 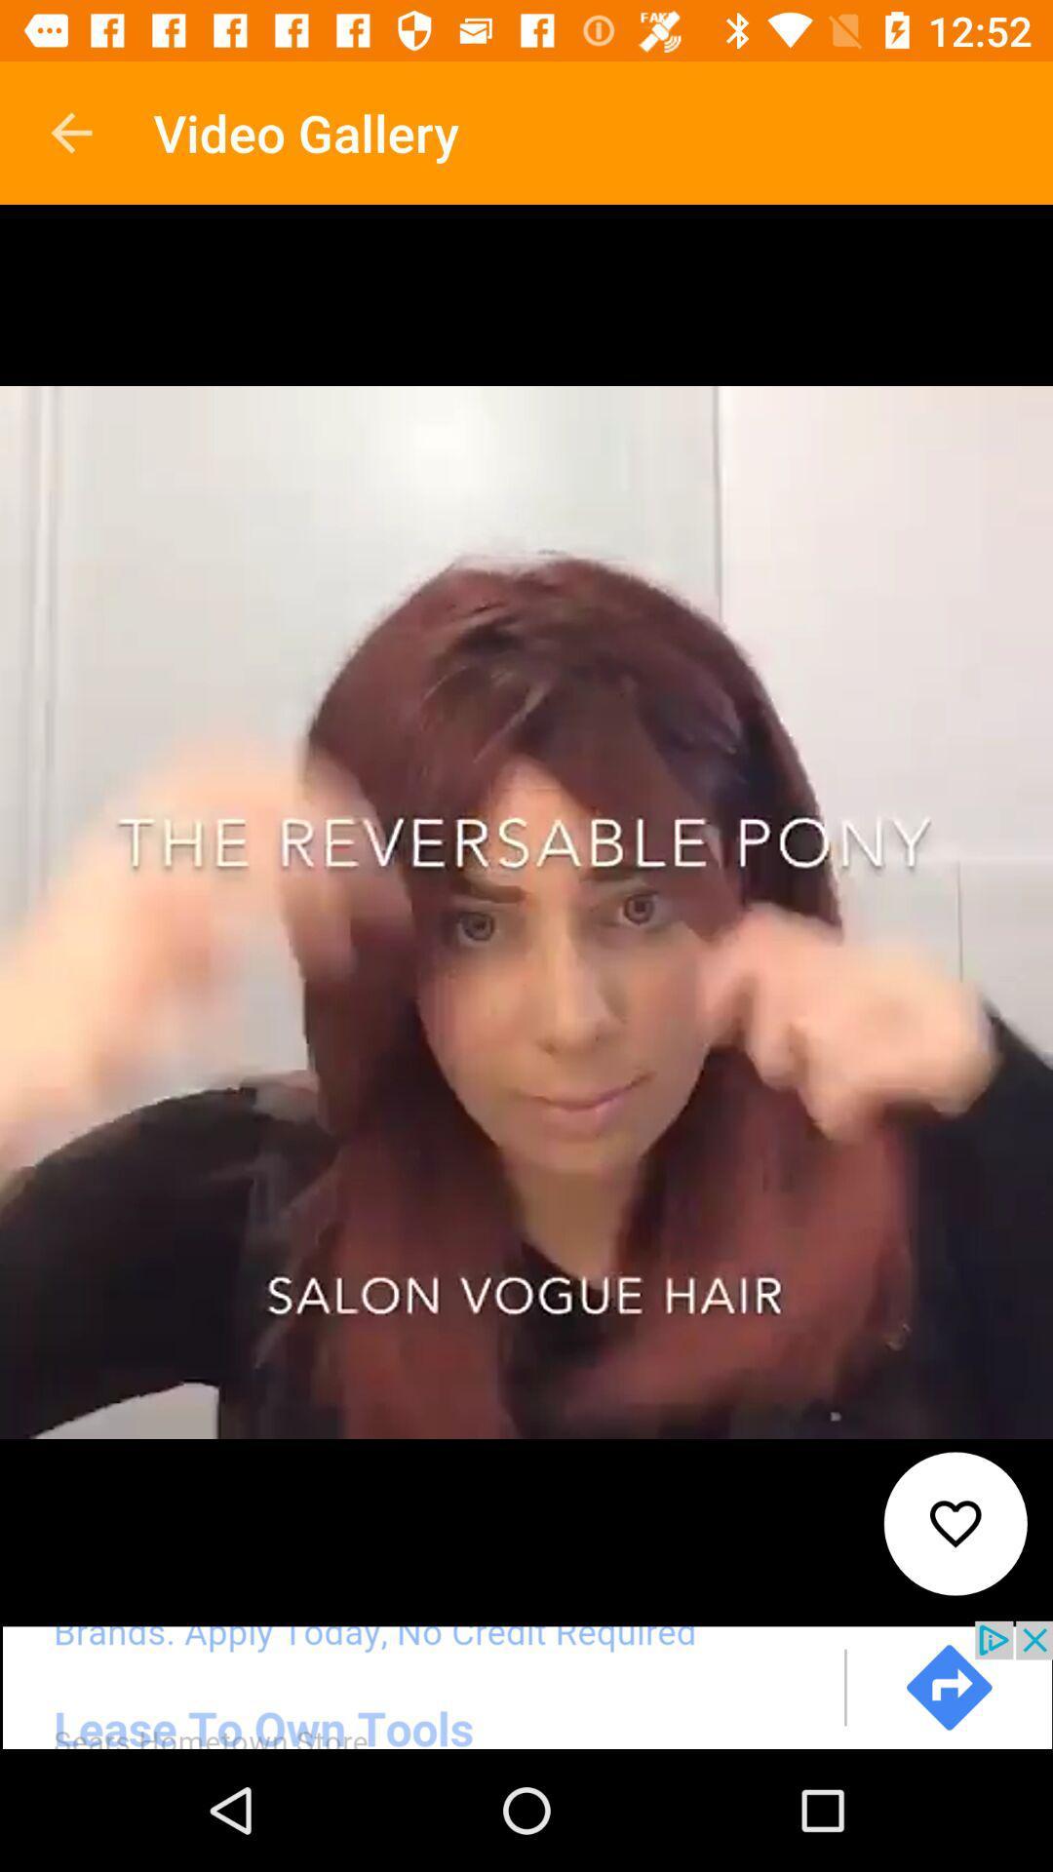 What do you see at coordinates (526, 1684) in the screenshot?
I see `saloon hair styling display` at bounding box center [526, 1684].